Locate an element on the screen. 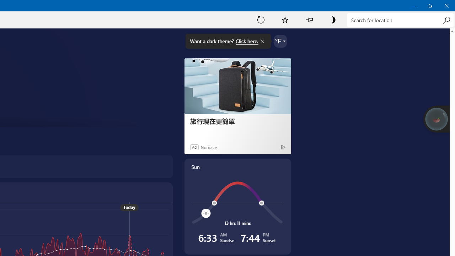 The height and width of the screenshot is (256, 455). 'Add to Favorites' is located at coordinates (285, 19).